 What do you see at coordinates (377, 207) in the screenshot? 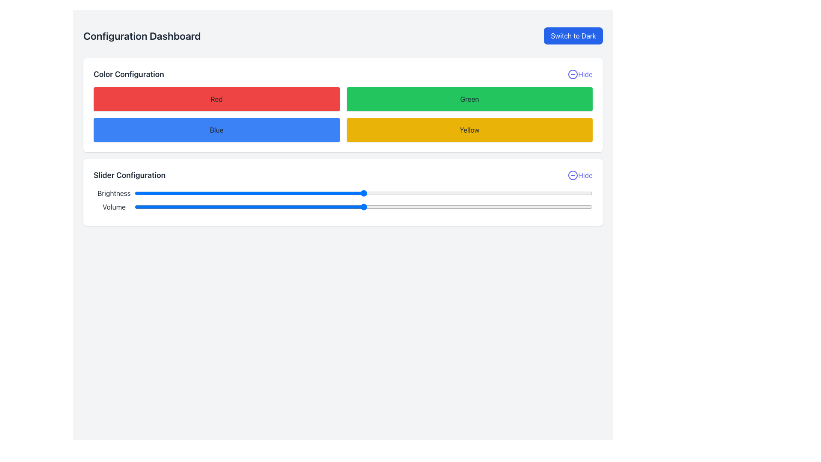
I see `the slider value` at bounding box center [377, 207].